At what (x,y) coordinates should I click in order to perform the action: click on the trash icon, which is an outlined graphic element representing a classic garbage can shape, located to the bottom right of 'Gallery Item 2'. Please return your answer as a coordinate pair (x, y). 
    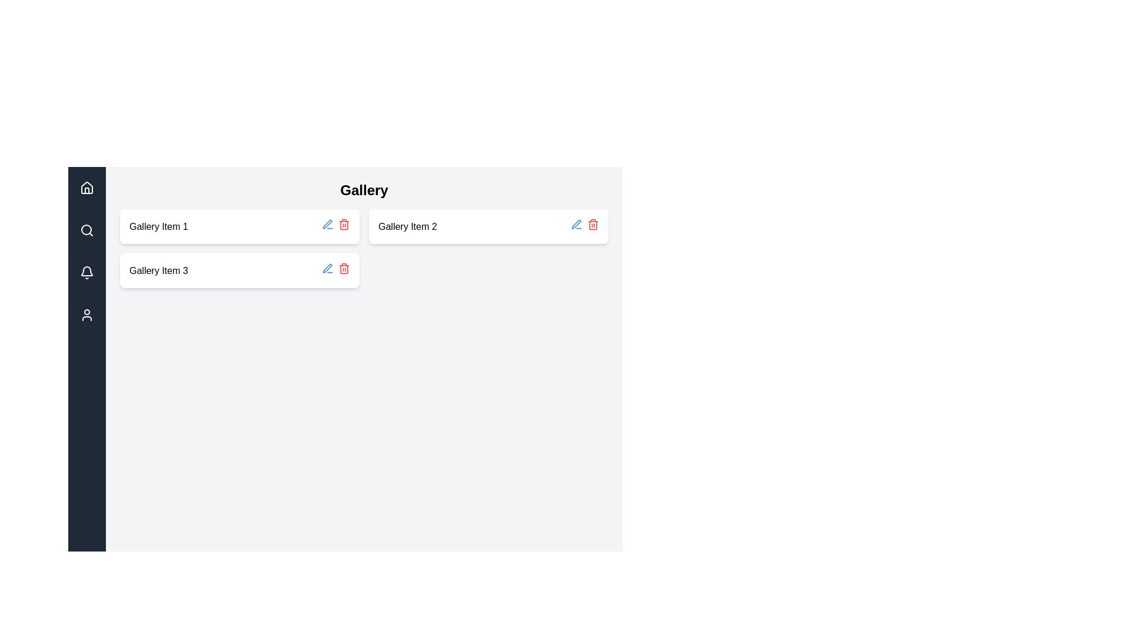
    Looking at the image, I should click on (593, 225).